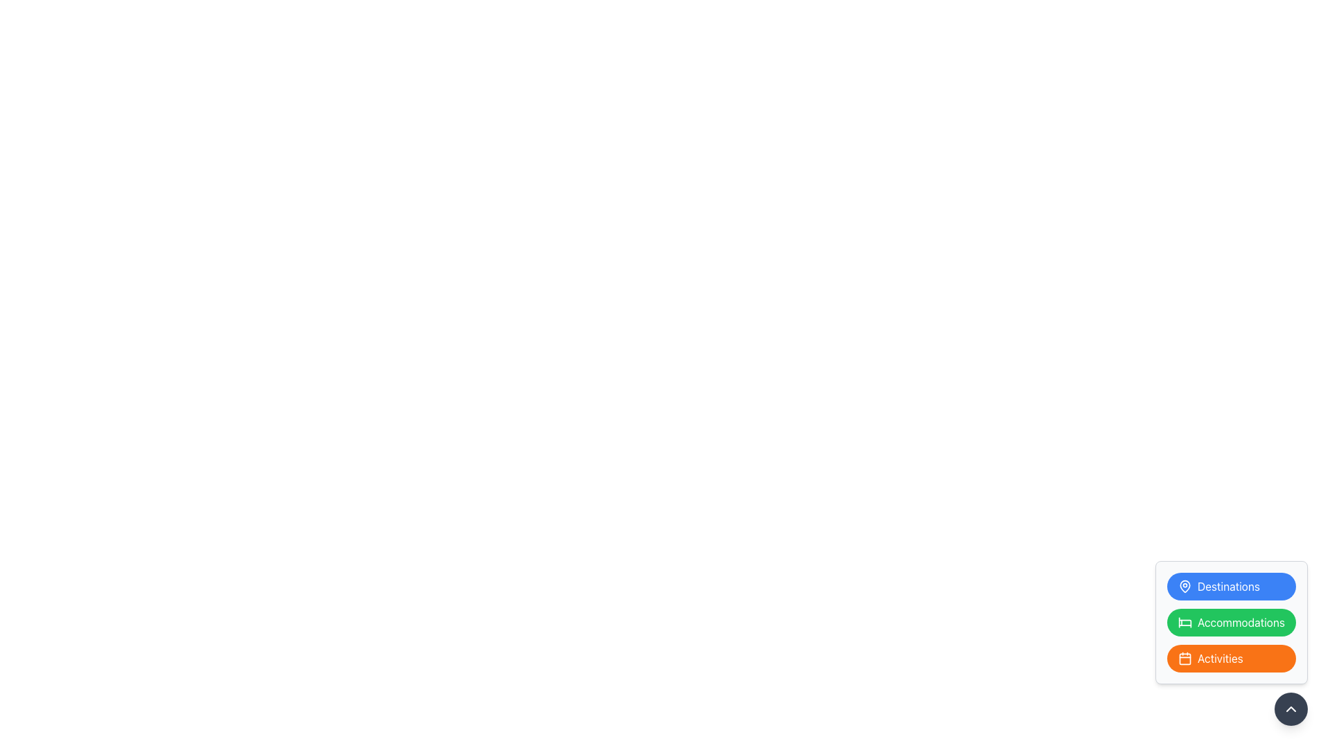  I want to click on the third button in a vertical stack, located below the green 'Accommodations' button, so click(1231, 643).